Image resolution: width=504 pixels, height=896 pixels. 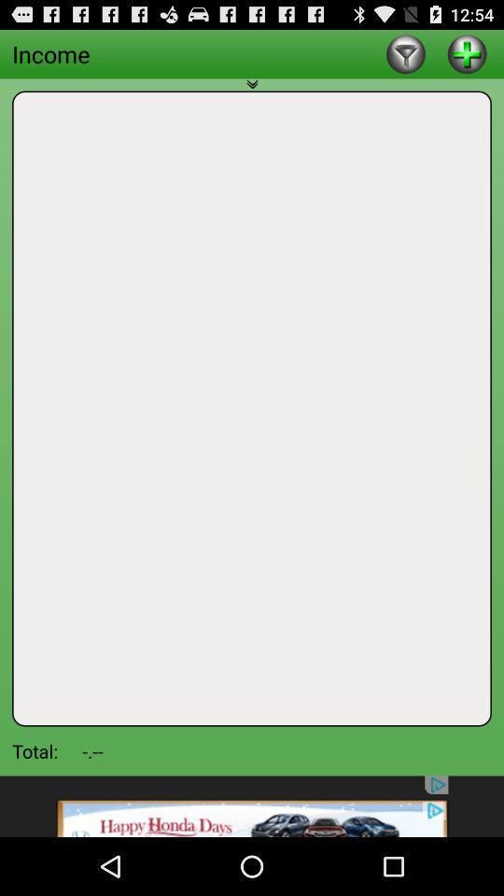 What do you see at coordinates (466, 57) in the screenshot?
I see `the add icon` at bounding box center [466, 57].